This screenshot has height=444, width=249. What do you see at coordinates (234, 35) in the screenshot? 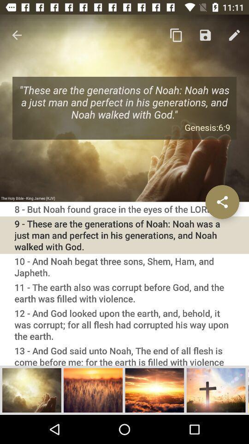
I see `the edit tool option on the top right of the page` at bounding box center [234, 35].